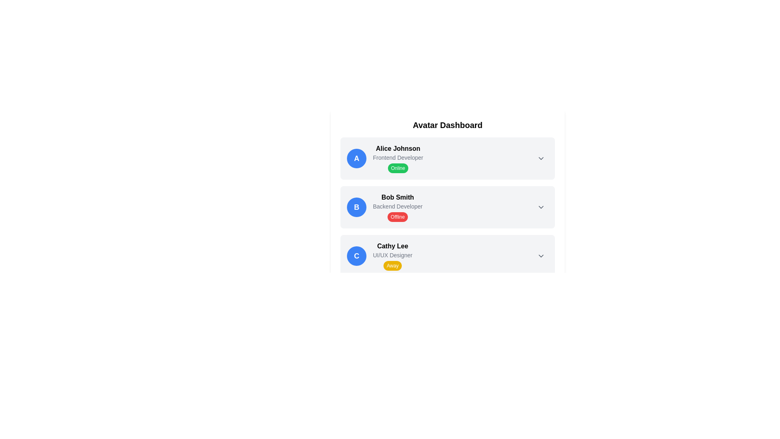 This screenshot has width=780, height=439. I want to click on the 'UI/UX Designer' label displayed in gray color within the card for 'Cathy Lee', positioned between the primary text 'Cathy Lee' and the badge 'Away', so click(392, 255).